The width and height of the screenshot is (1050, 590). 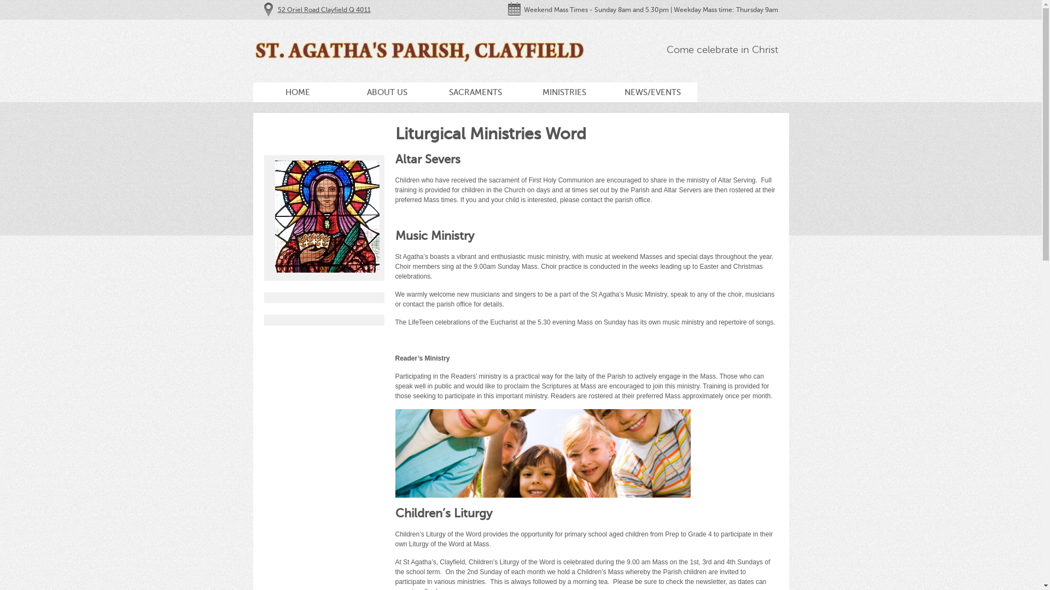 I want to click on 'ABOUT US', so click(x=386, y=92).